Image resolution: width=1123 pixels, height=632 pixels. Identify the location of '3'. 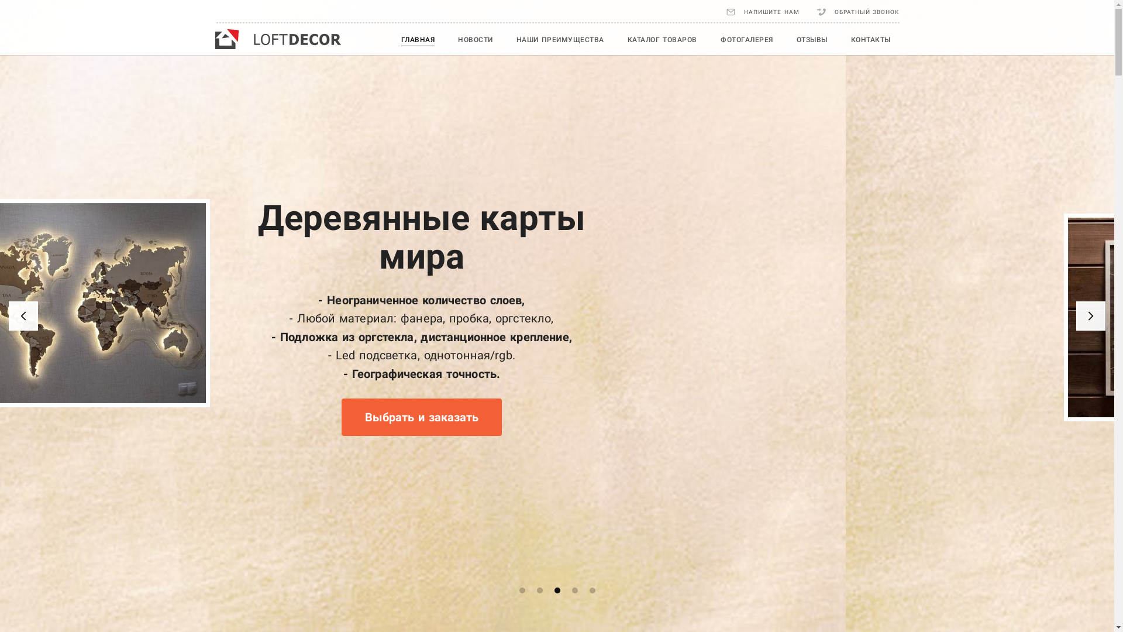
(557, 590).